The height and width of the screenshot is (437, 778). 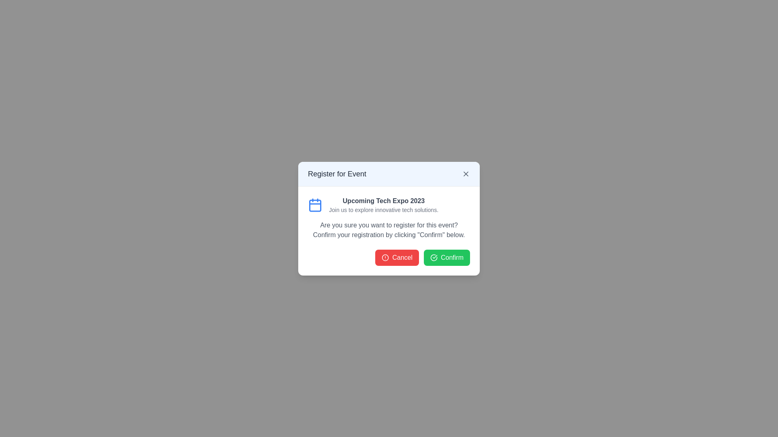 What do you see at coordinates (385, 257) in the screenshot?
I see `the circular SVG graphic element that represents an alert icon, located to the left of the text content in the confirmation dialog box for event registration` at bounding box center [385, 257].